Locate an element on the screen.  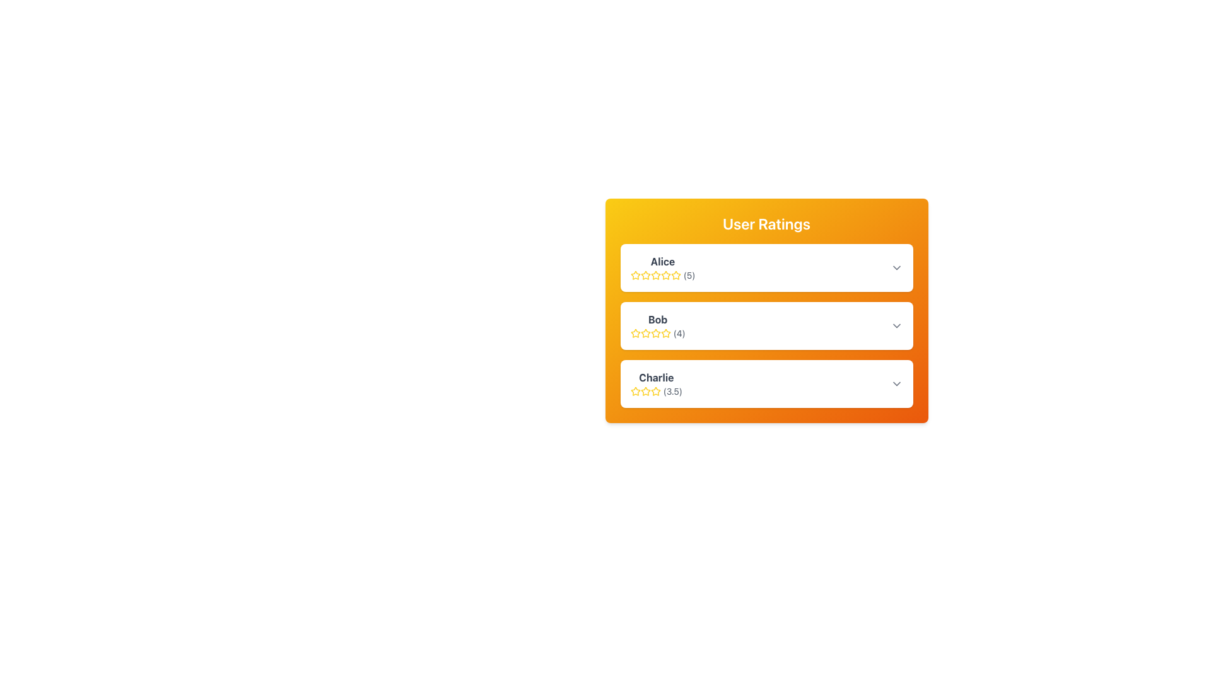
the text label displaying the rating score for user 'Bob', which is located to the right of the star icons in the user ratings list is located at coordinates (679, 332).